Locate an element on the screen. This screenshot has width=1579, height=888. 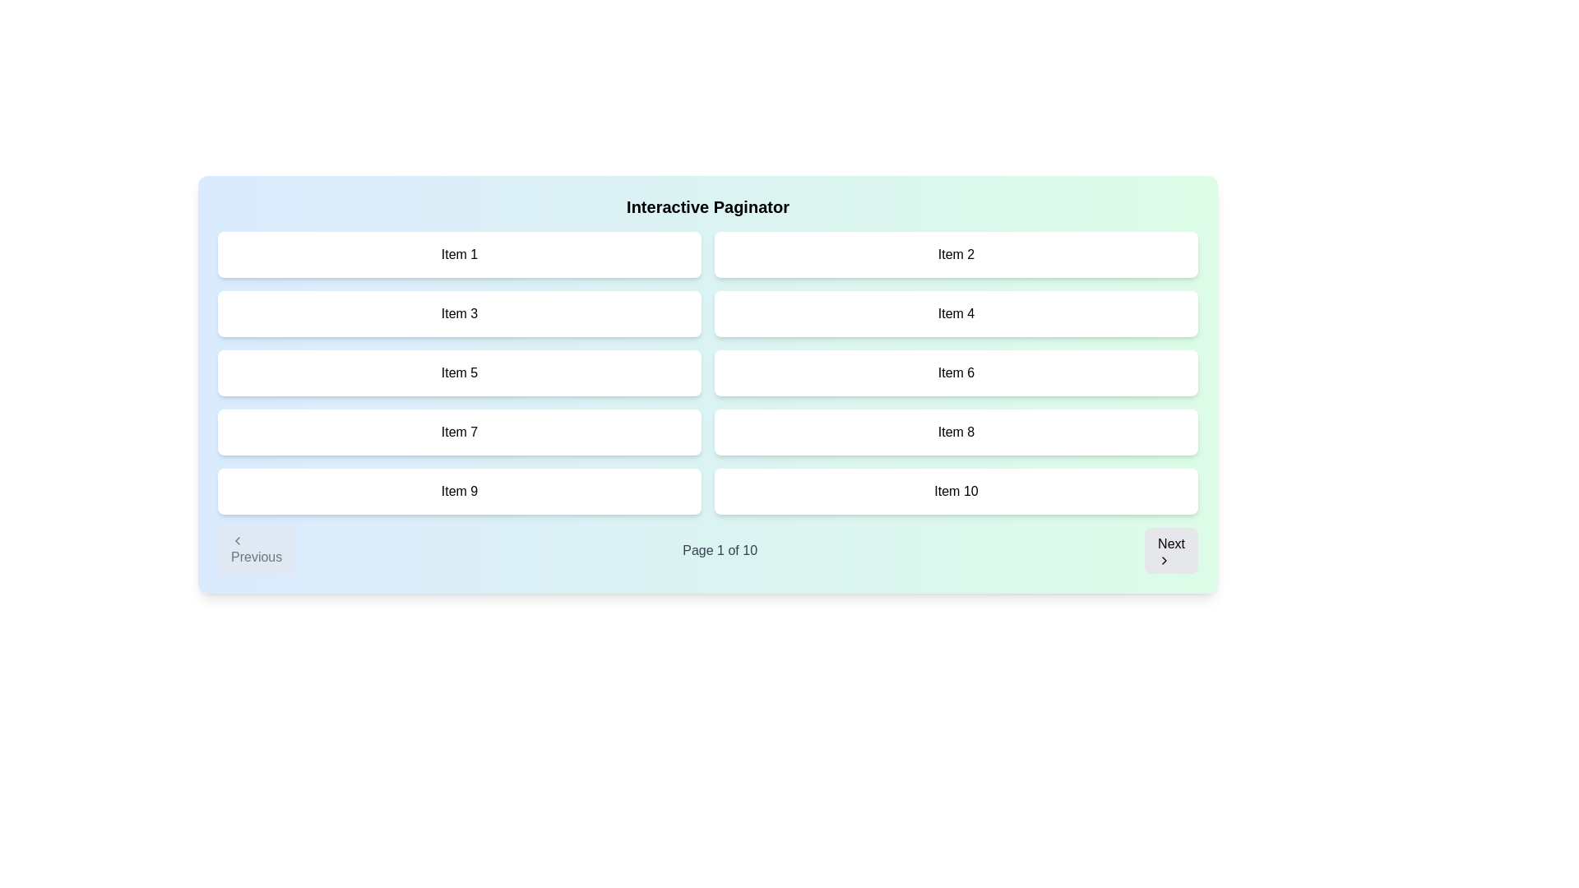
the display box representing 'Item 8', located in the fourth row and second column of the grid layout is located at coordinates (956, 431).